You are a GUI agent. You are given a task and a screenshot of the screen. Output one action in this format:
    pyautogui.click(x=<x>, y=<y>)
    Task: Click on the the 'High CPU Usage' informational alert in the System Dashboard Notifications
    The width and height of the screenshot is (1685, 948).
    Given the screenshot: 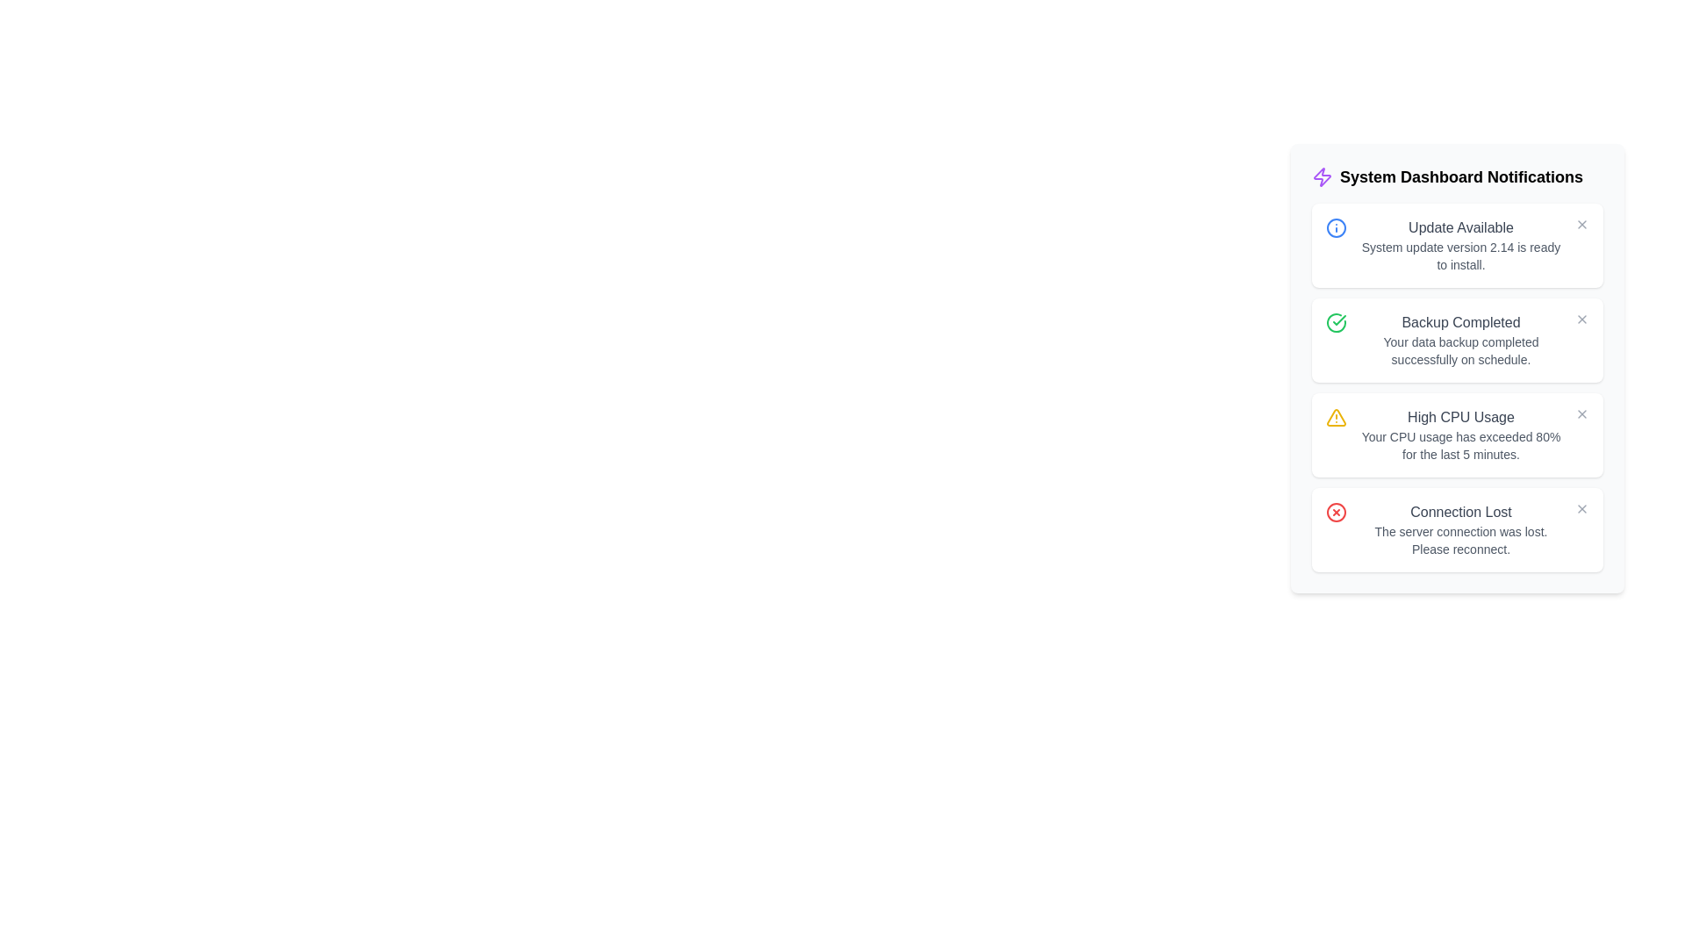 What is the action you would take?
    pyautogui.click(x=1461, y=434)
    